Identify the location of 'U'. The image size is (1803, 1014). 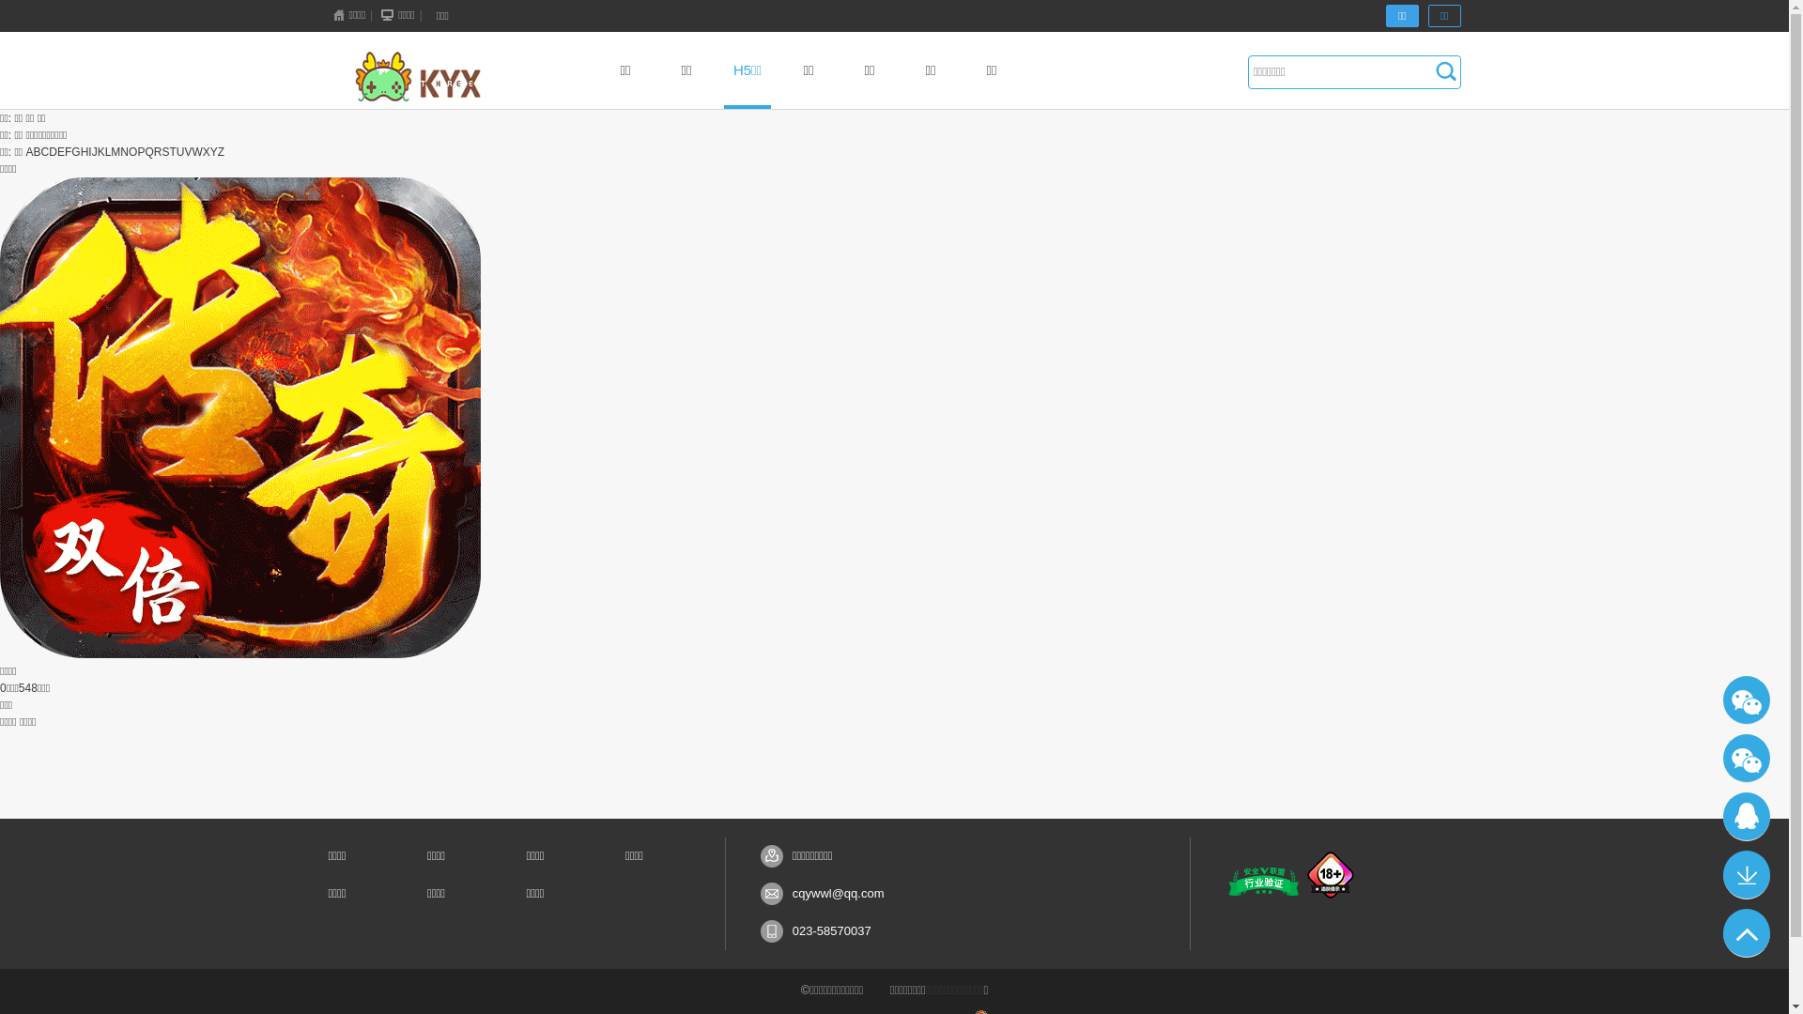
(180, 151).